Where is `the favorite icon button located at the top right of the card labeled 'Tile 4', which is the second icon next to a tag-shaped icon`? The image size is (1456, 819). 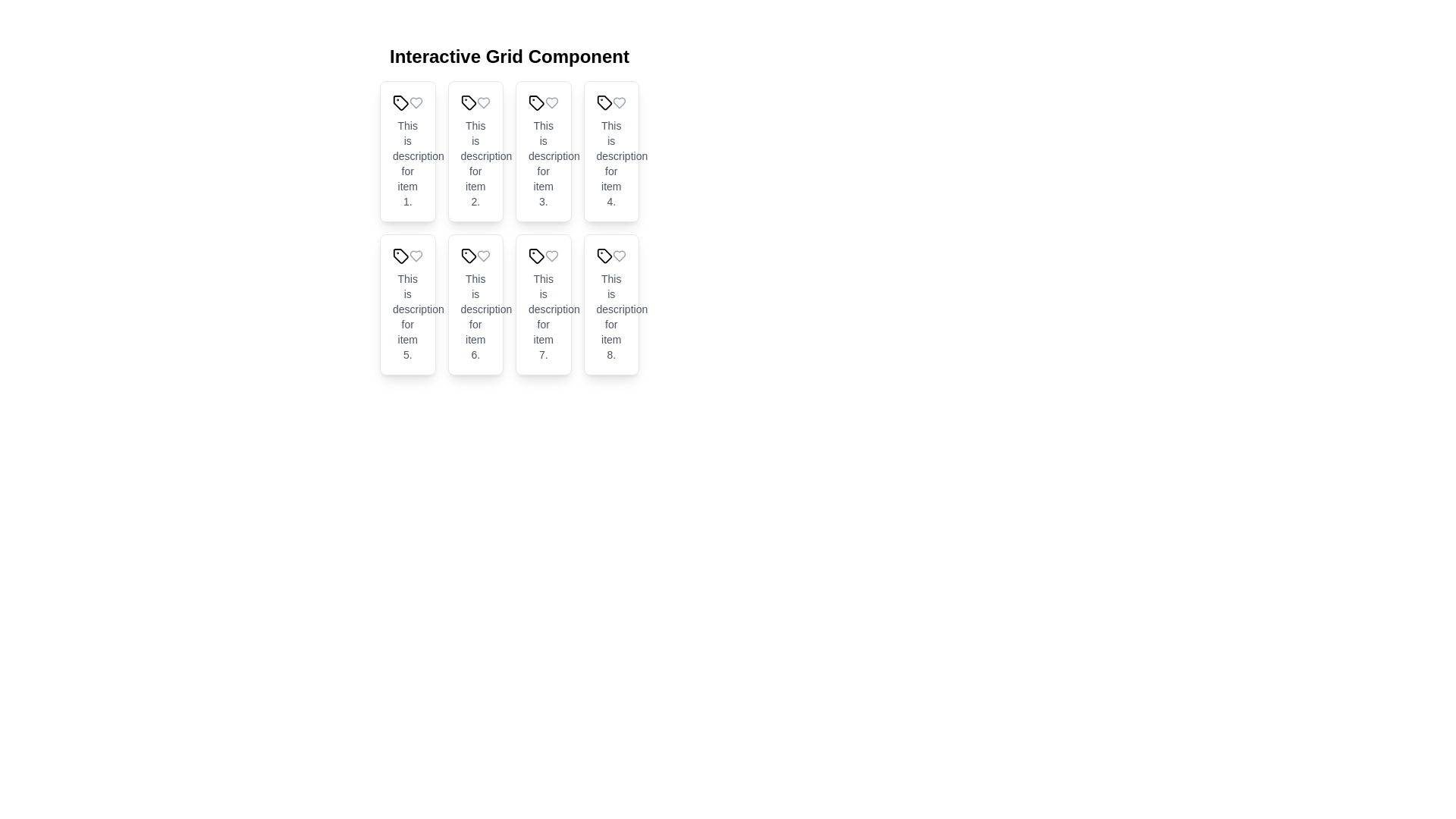 the favorite icon button located at the top right of the card labeled 'Tile 4', which is the second icon next to a tag-shaped icon is located at coordinates (619, 102).